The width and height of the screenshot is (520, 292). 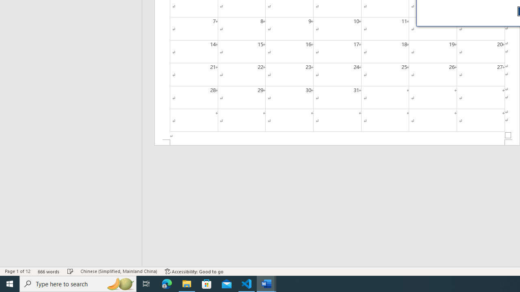 What do you see at coordinates (207, 283) in the screenshot?
I see `'Microsoft Store'` at bounding box center [207, 283].